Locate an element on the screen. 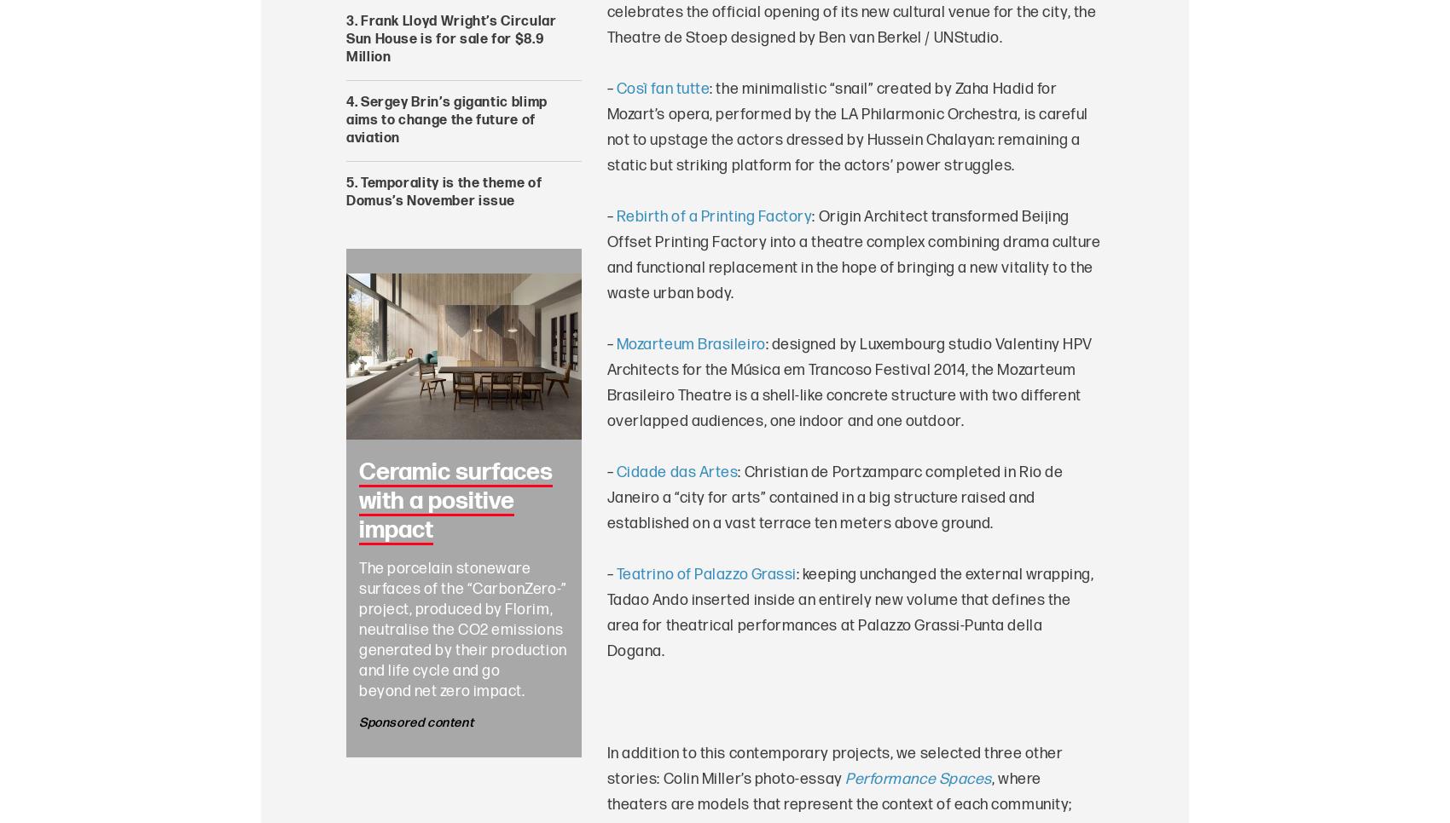 This screenshot has width=1450, height=823. 'Teatrino of Palazzo Grassi' is located at coordinates (705, 574).